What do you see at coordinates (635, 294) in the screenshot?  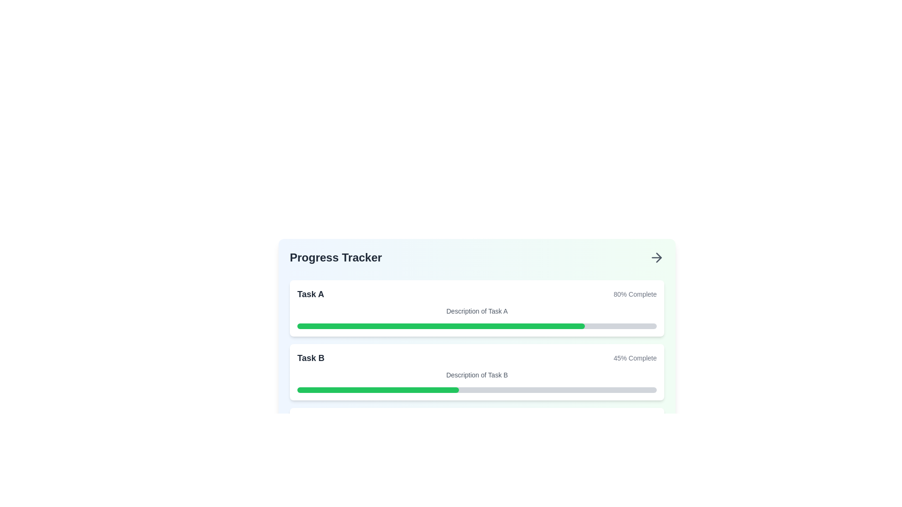 I see `the static text label that displays the progress percentage of Task A, located at the top right of the section, above the progress bar` at bounding box center [635, 294].